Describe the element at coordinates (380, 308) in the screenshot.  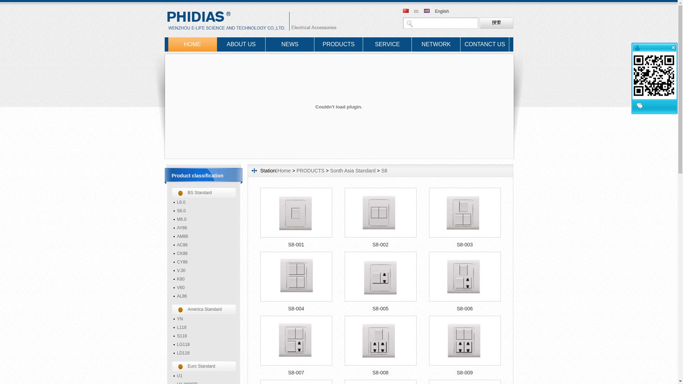
I see `'S8-005'` at that location.